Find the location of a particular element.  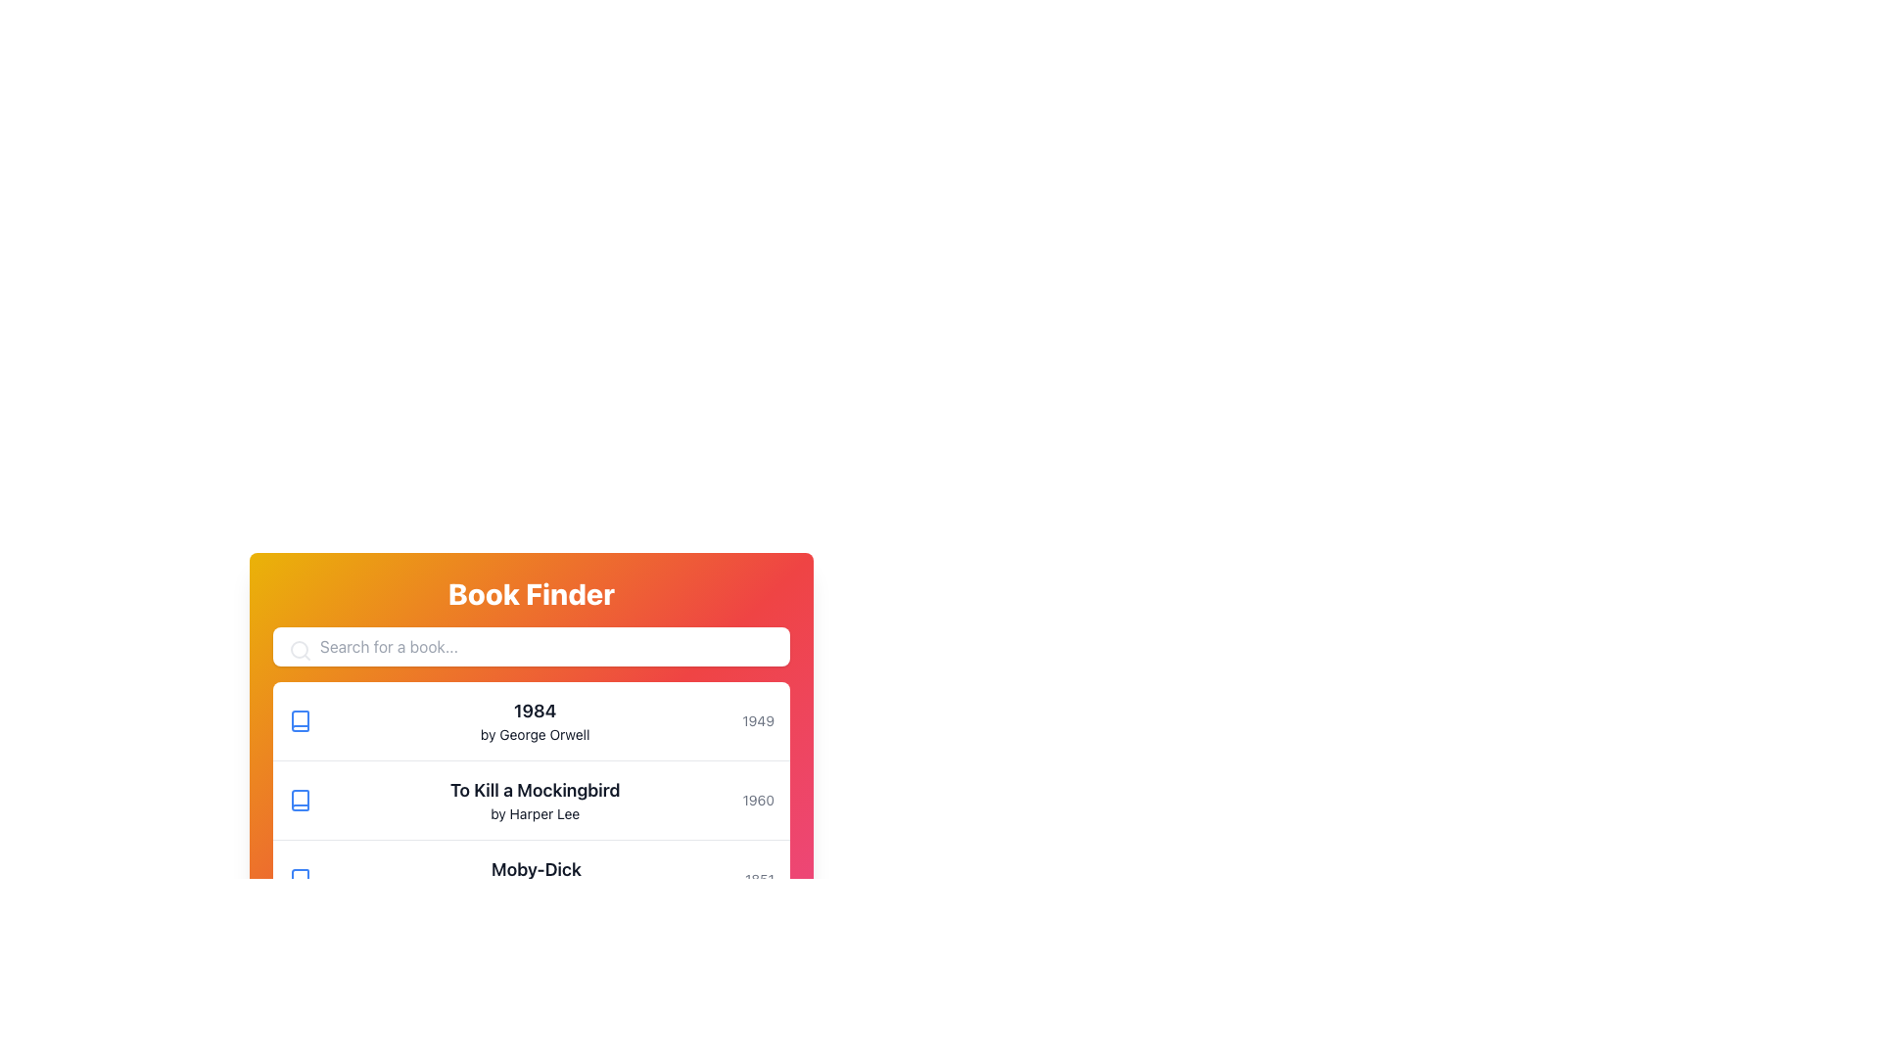

the book icon representing 'To Kill a Mockingbird' by 'Harper Lee' is located at coordinates (300, 800).